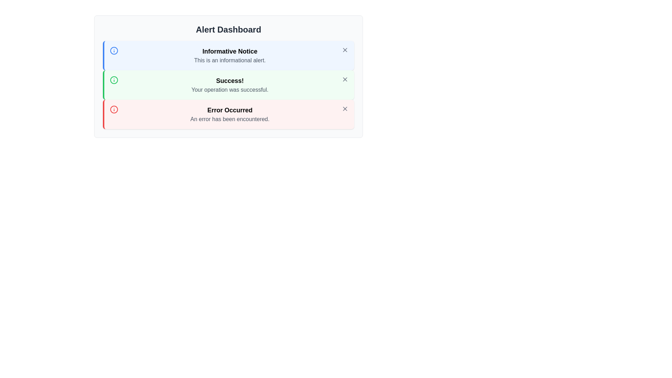  Describe the element at coordinates (114, 50) in the screenshot. I see `the circular icon with a blue outline and white fill, which resembles an information symbol, located in the top-left corner of the 'Informative Notice' alert box` at that location.